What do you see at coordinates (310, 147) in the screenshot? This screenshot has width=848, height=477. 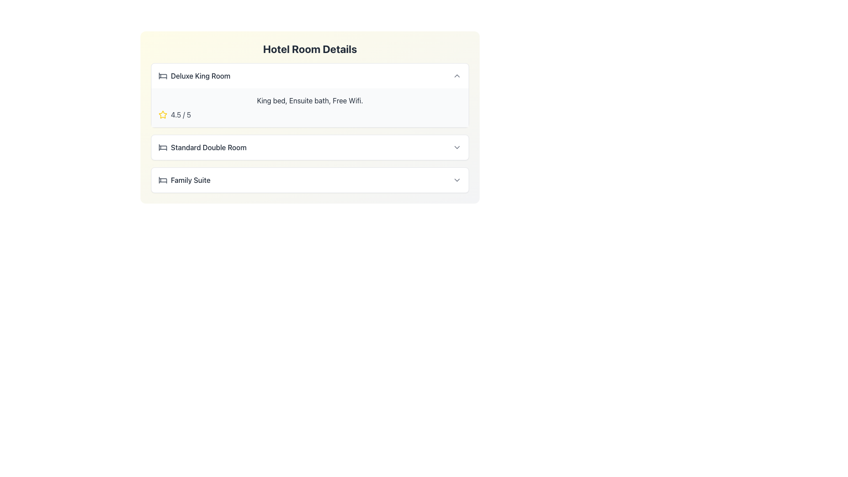 I see `the Dropdown trigger for room selection that represents the 'Standard Double Room' to read the room title` at bounding box center [310, 147].